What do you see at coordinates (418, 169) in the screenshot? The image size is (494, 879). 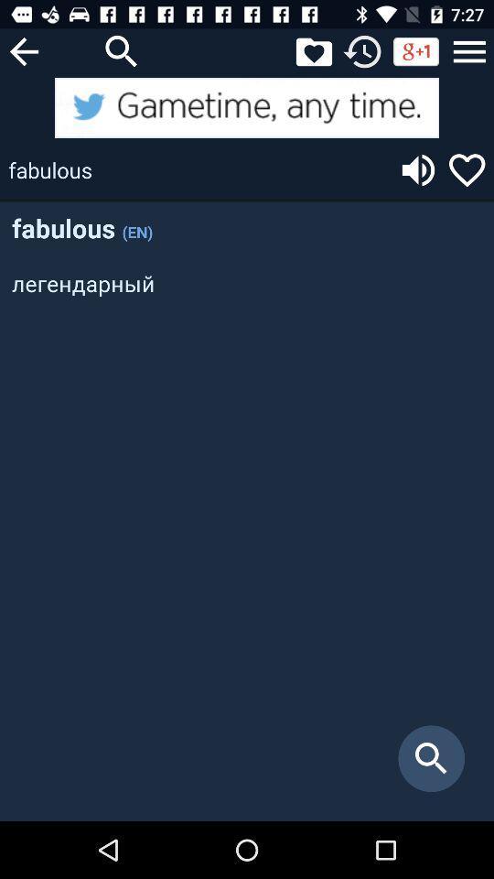 I see `speak the word` at bounding box center [418, 169].